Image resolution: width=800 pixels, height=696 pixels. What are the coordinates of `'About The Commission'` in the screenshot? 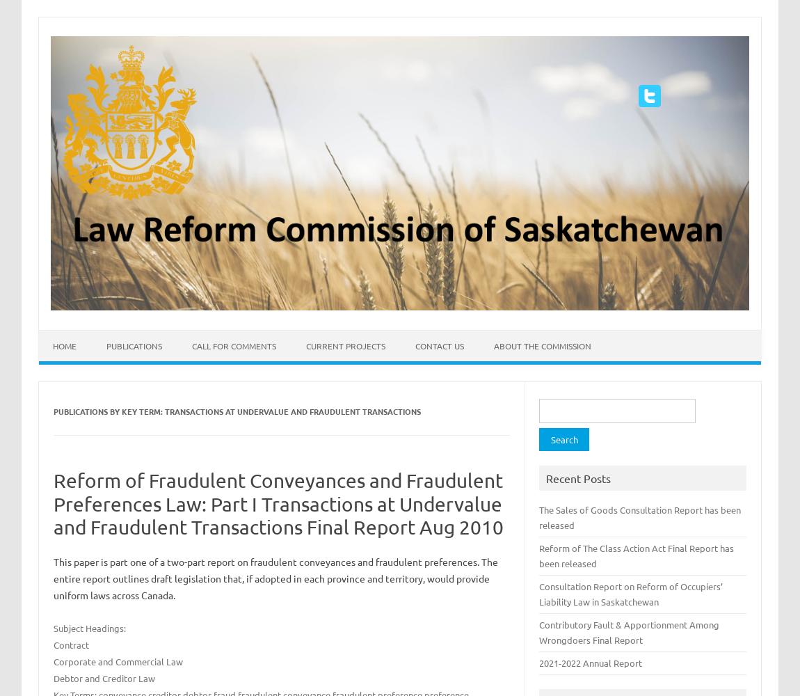 It's located at (542, 345).